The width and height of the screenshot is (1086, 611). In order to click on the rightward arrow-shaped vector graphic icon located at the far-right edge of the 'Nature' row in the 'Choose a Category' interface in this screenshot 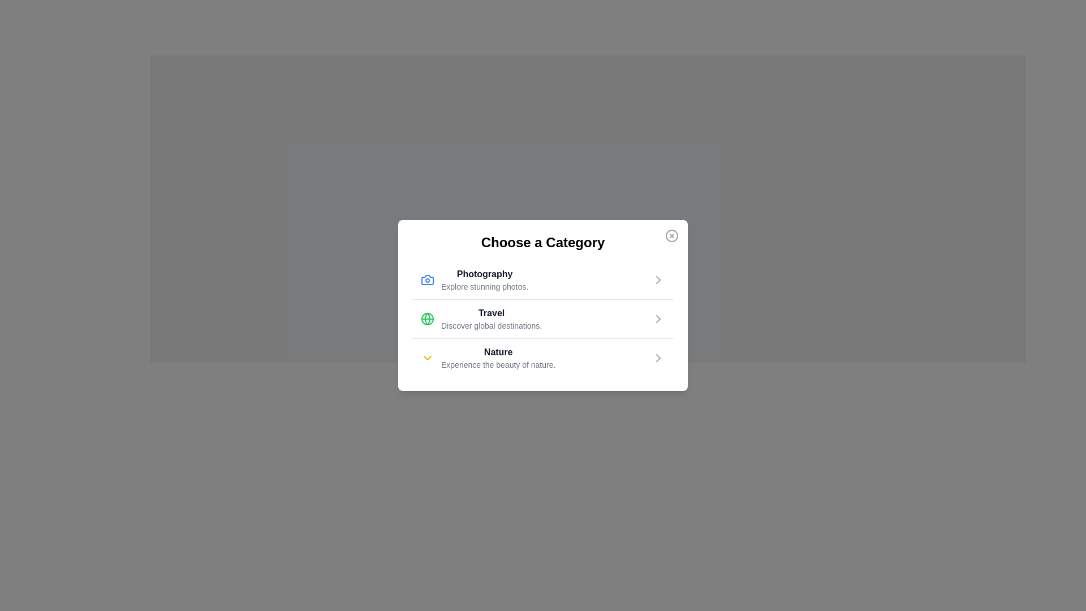, I will do `click(658, 358)`.